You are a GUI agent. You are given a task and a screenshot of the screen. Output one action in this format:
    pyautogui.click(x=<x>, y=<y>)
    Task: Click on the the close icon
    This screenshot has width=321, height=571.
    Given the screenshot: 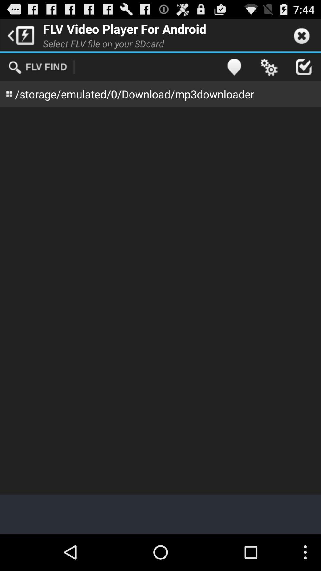 What is the action you would take?
    pyautogui.click(x=301, y=37)
    